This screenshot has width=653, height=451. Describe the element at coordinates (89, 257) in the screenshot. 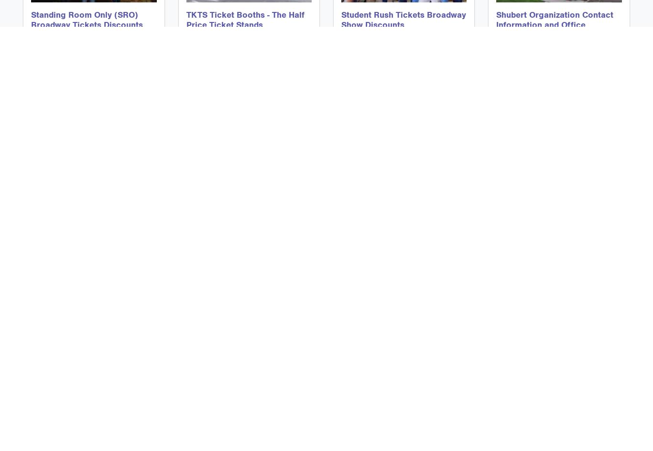

I see `'How To Use The Ticketmaster Discount Code Page on Android Devices'` at that location.